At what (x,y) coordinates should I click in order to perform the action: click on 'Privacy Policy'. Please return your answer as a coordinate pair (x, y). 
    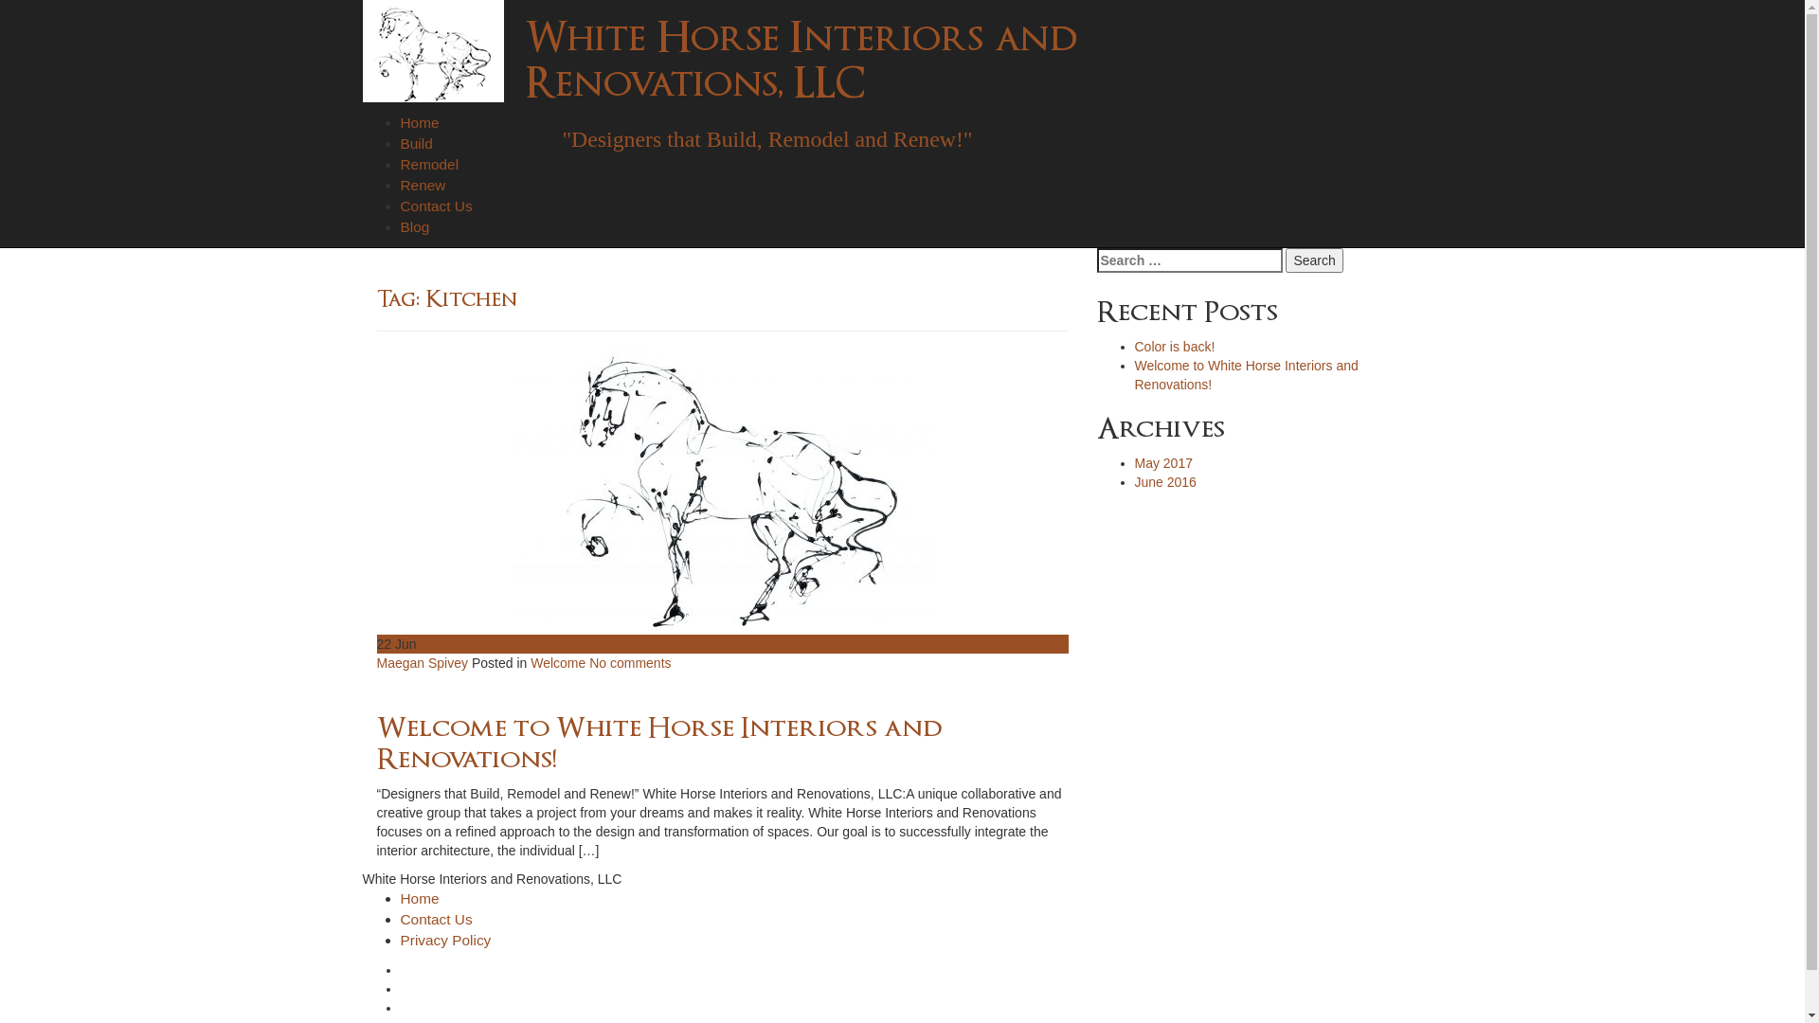
    Looking at the image, I should click on (444, 940).